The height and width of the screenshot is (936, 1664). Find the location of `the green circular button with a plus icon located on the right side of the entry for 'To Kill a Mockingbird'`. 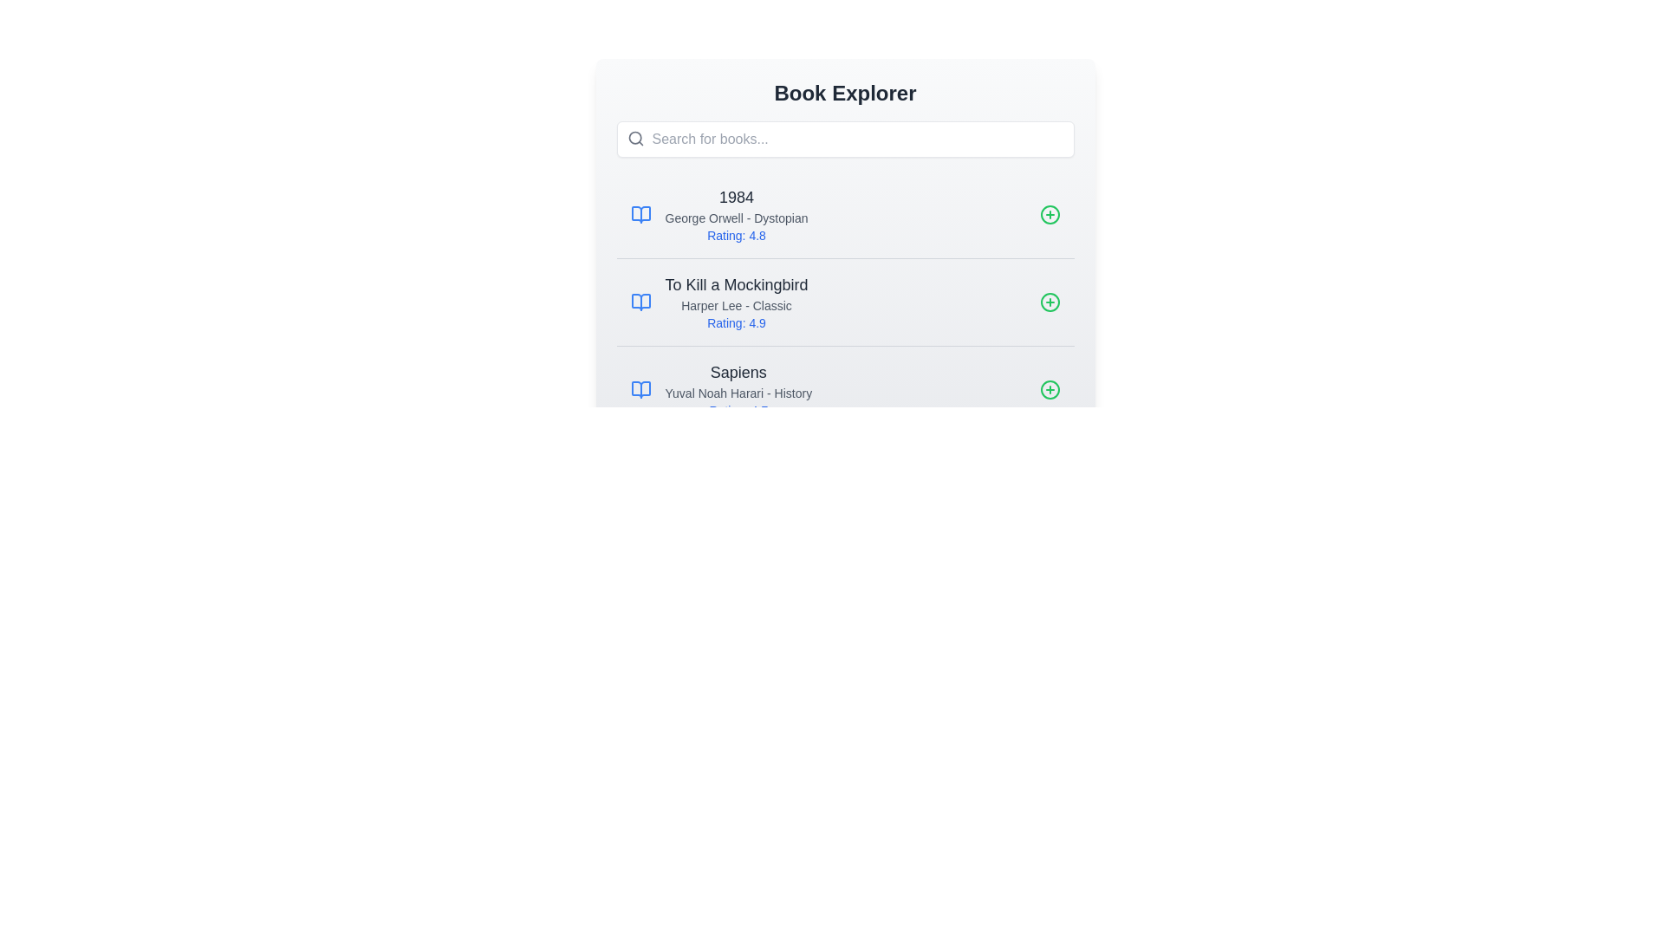

the green circular button with a plus icon located on the right side of the entry for 'To Kill a Mockingbird' is located at coordinates (1049, 301).